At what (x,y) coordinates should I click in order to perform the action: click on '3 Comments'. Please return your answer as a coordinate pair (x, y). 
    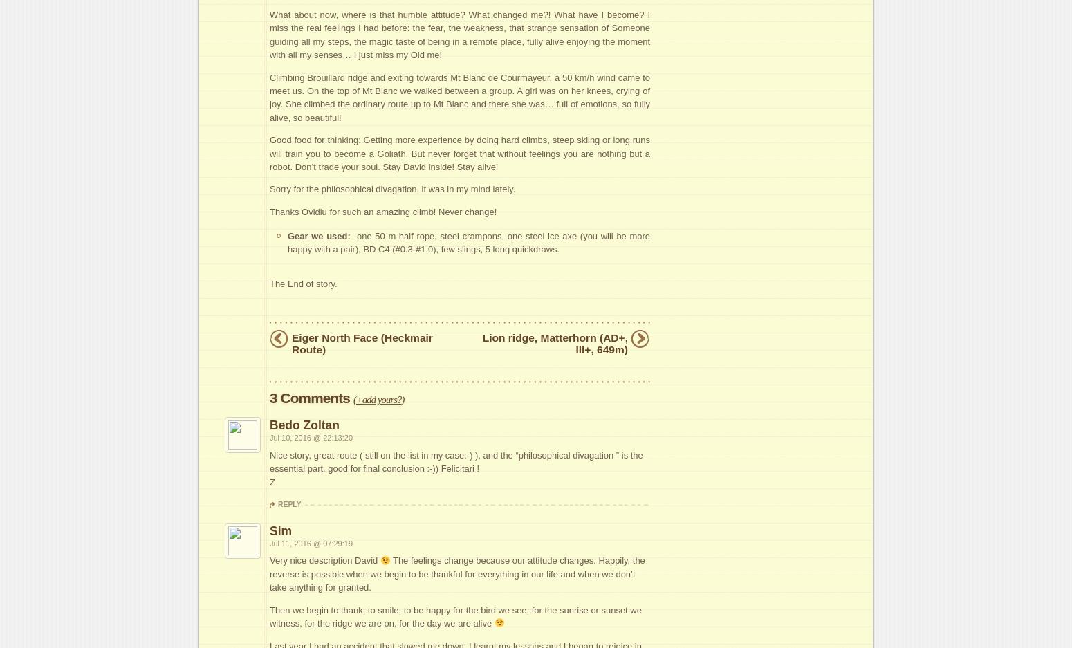
    Looking at the image, I should click on (311, 398).